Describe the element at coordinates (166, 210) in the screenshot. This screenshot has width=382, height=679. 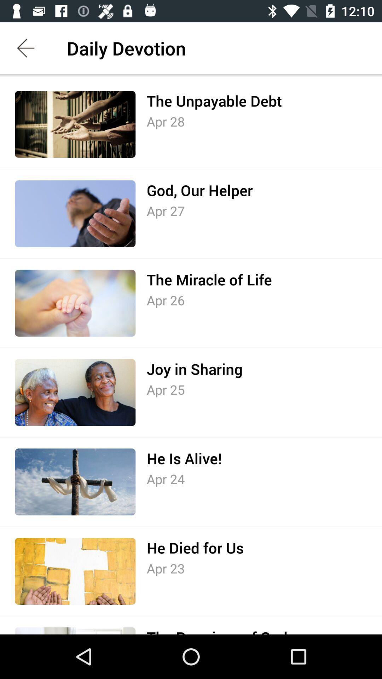
I see `apr 27 item` at that location.